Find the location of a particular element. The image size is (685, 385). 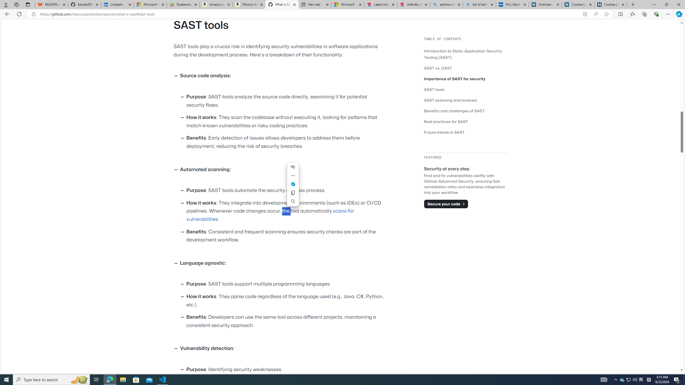

'asthma inhaler - Search' is located at coordinates (446, 4).